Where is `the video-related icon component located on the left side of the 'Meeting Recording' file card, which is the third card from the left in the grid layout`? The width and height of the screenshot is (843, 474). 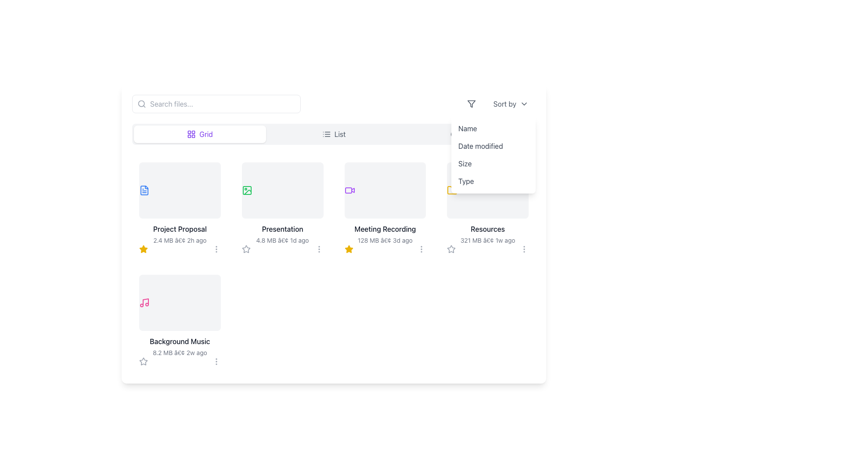
the video-related icon component located on the left side of the 'Meeting Recording' file card, which is the third card from the left in the grid layout is located at coordinates (348, 190).